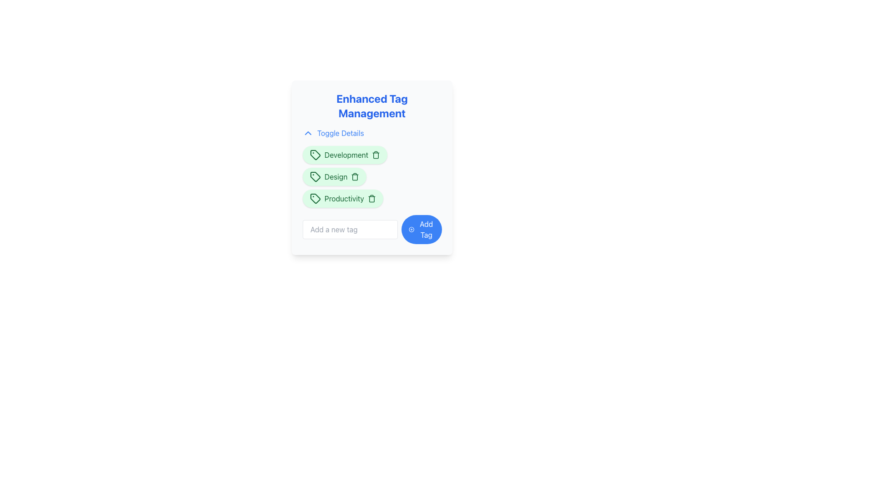 The width and height of the screenshot is (874, 491). What do you see at coordinates (333, 133) in the screenshot?
I see `the 'Toggle Details' text link, which is styled with a blue font color and has an upward-facing chevron icon` at bounding box center [333, 133].